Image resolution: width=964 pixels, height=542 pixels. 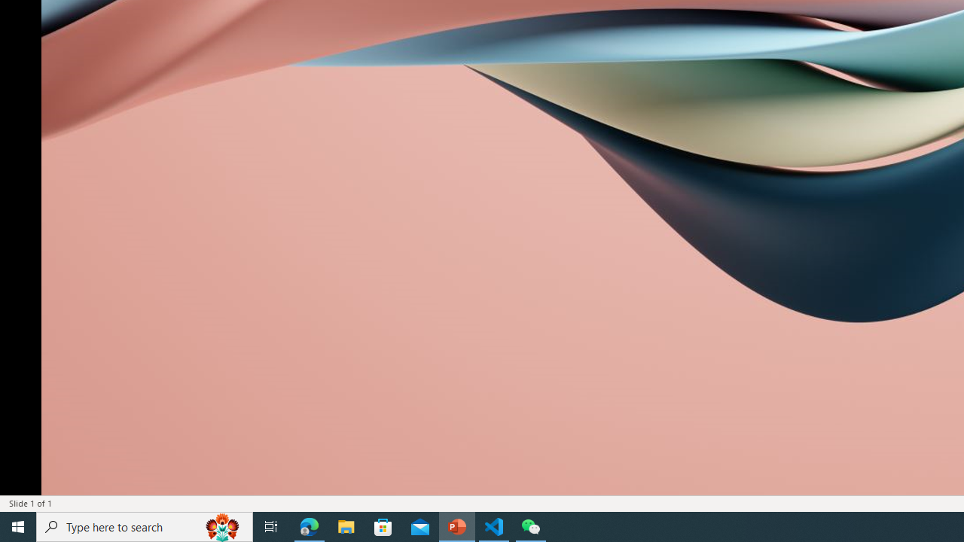 I want to click on 'Microsoft Edge - 1 running window', so click(x=309, y=525).